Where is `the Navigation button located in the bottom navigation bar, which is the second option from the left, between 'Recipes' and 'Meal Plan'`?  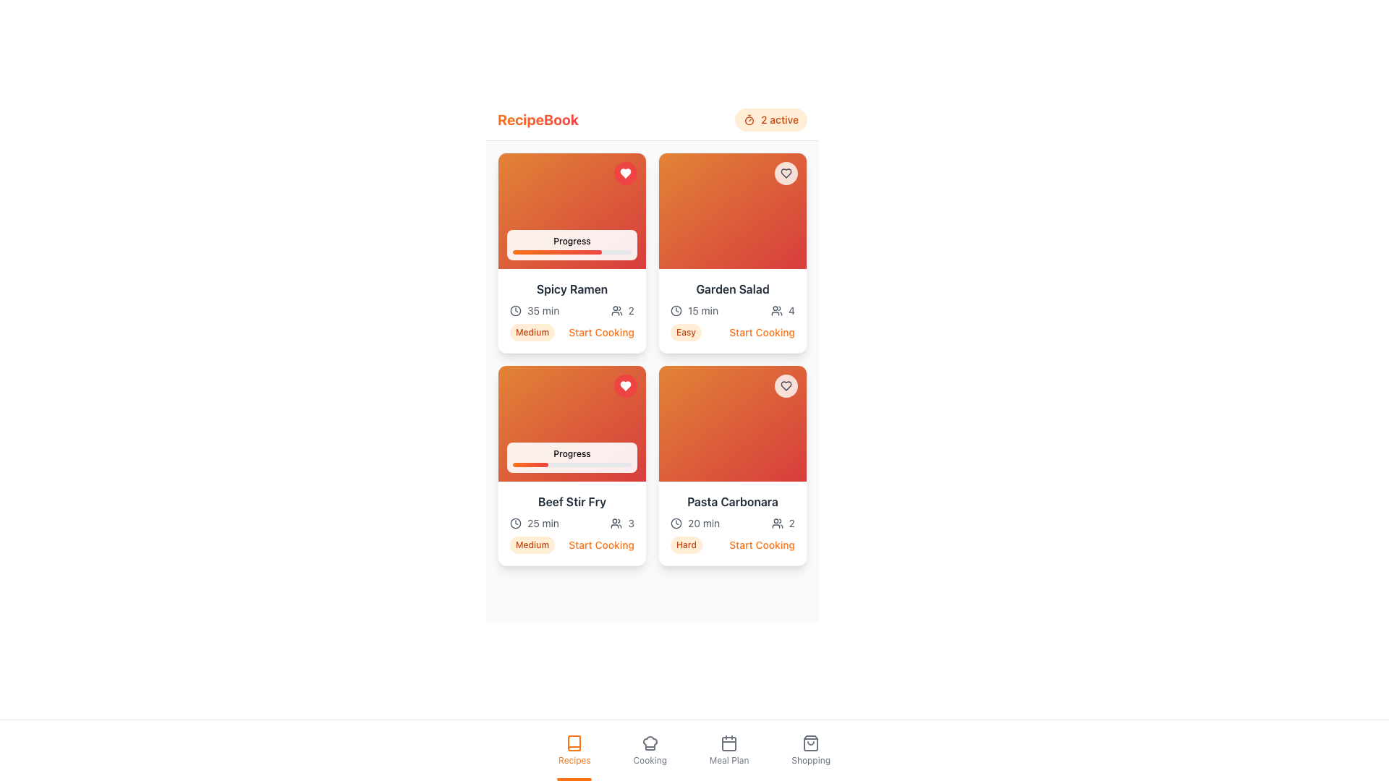
the Navigation button located in the bottom navigation bar, which is the second option from the left, between 'Recipes' and 'Meal Plan' is located at coordinates (649, 749).